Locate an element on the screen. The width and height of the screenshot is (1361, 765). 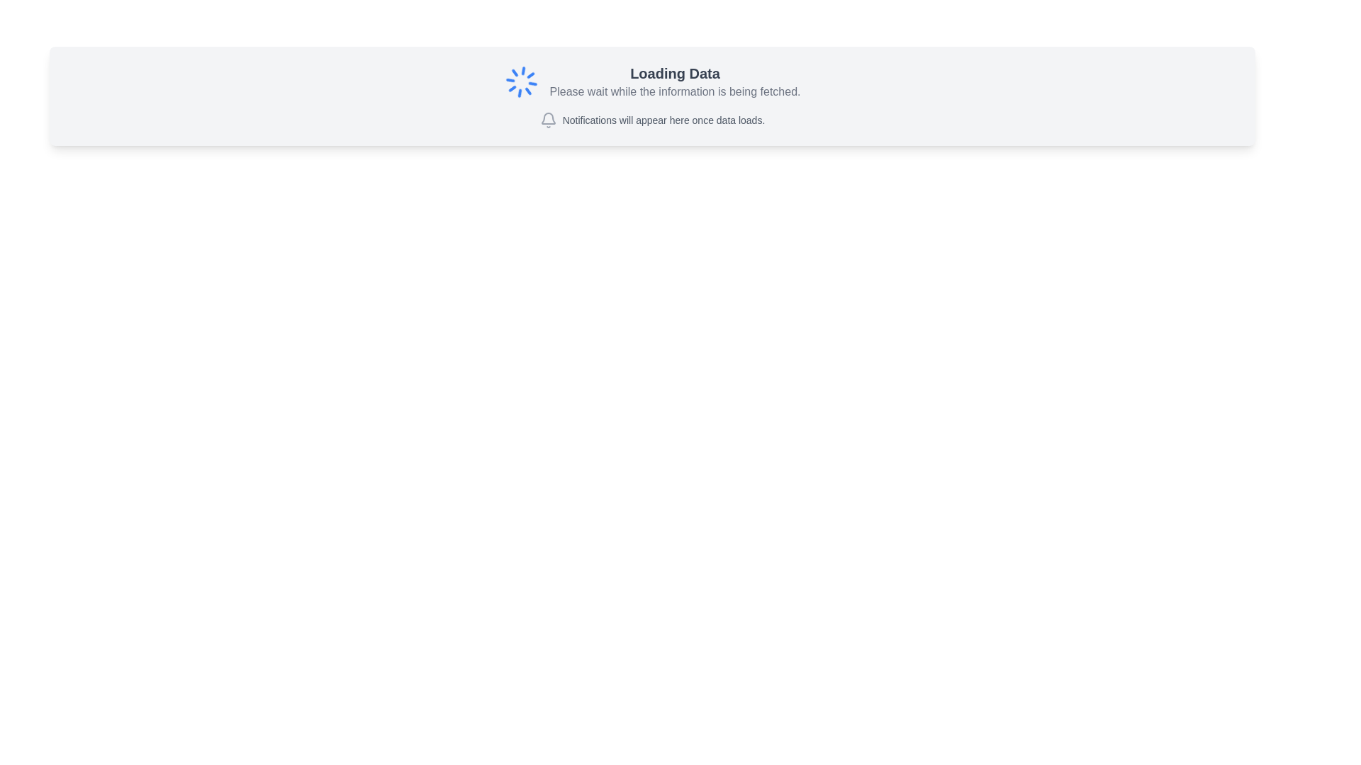
the notification placeholder element that displays the message 'Notifications will appear here once data loads' along with a gray bell icon, located beneath the title 'Loading Data' is located at coordinates (651, 119).